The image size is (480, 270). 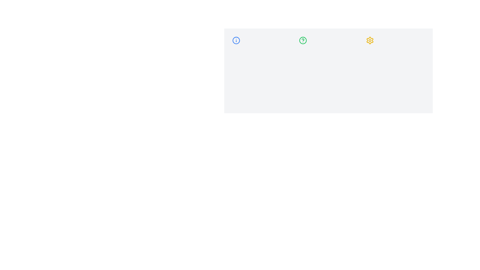 I want to click on the blue-bordered circular element with a white fill that serves as the background of an informational icon, so click(x=236, y=40).